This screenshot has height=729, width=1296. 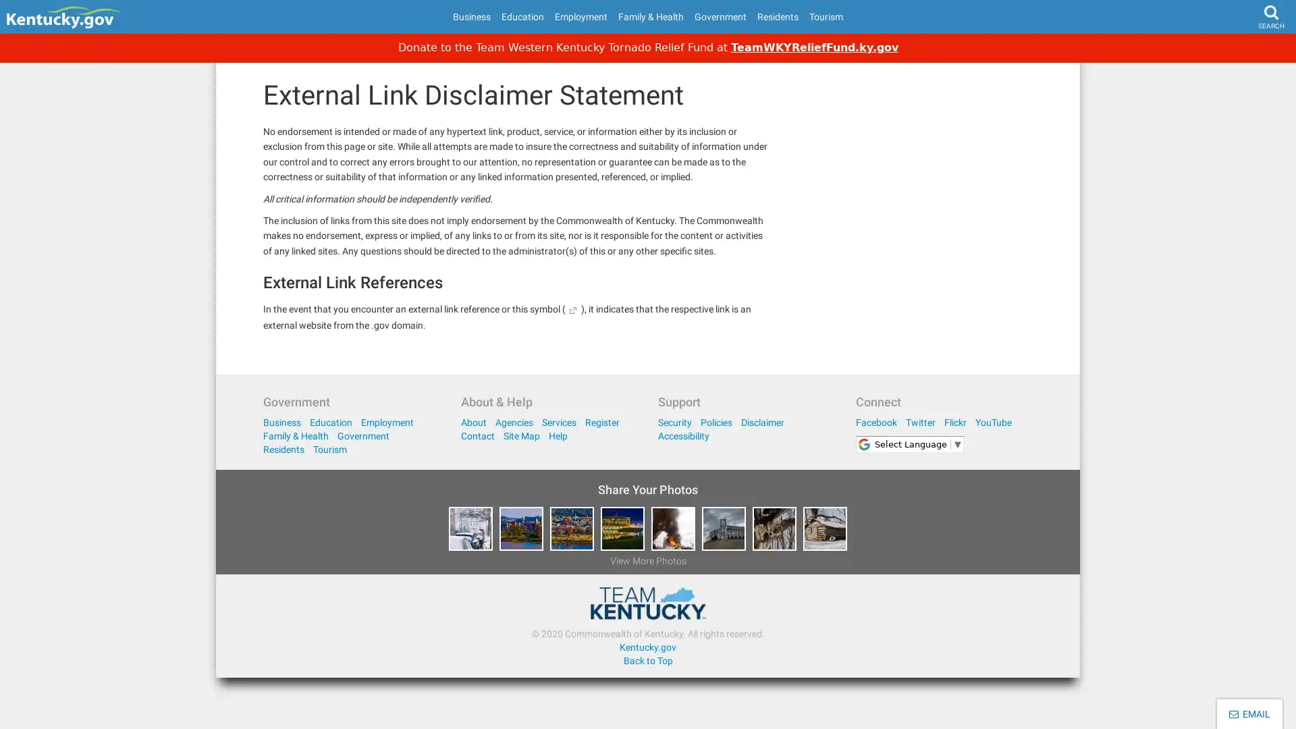 What do you see at coordinates (1245, 51) in the screenshot?
I see `Search` at bounding box center [1245, 51].